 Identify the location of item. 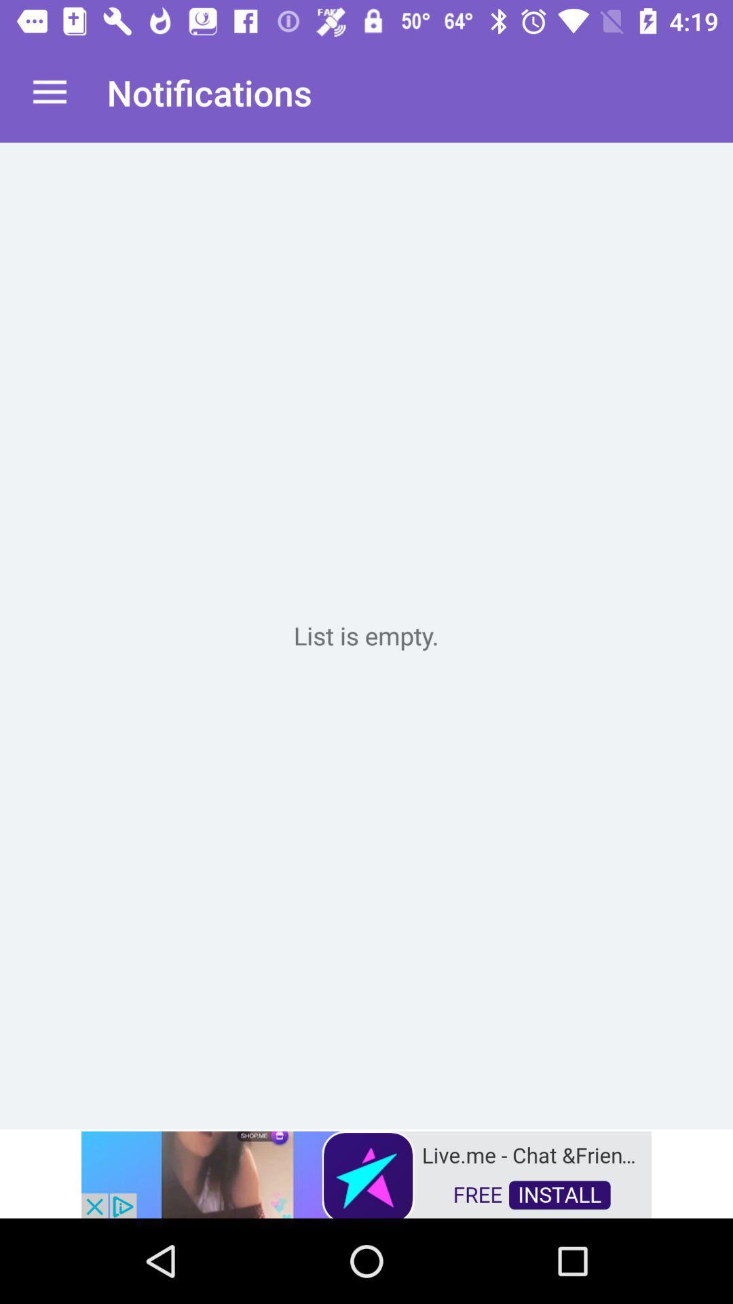
(366, 635).